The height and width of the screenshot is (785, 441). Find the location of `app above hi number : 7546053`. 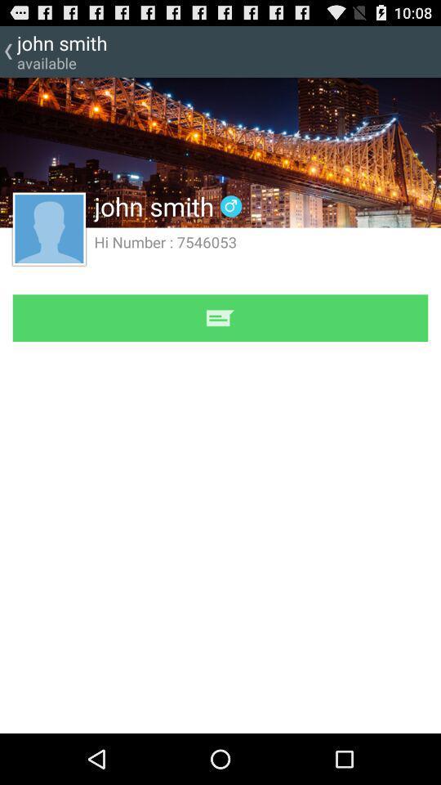

app above hi number : 7546053 is located at coordinates (220, 152).